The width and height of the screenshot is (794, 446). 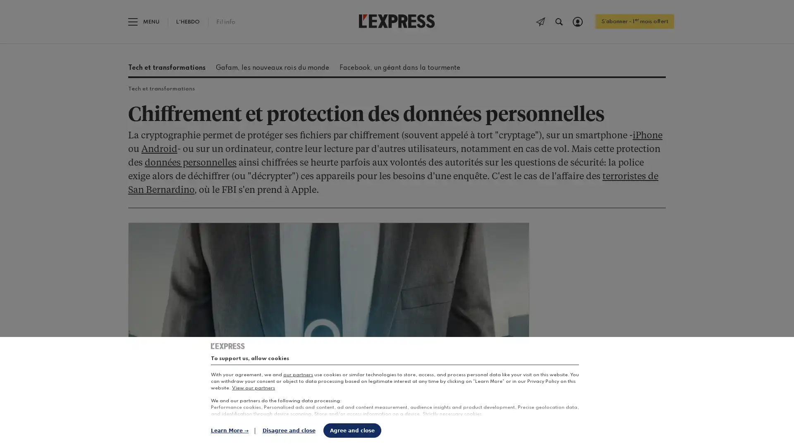 I want to click on Agree to our data processing and close, so click(x=352, y=430).